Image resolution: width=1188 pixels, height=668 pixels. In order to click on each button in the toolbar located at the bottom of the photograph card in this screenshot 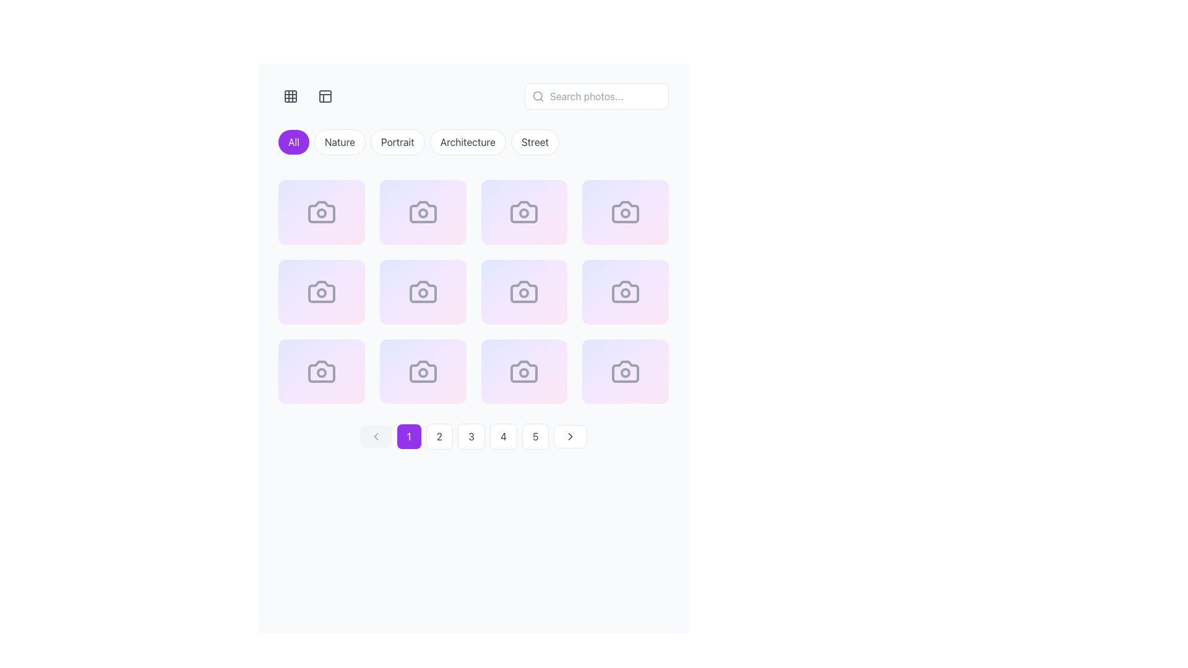, I will do `click(626, 383)`.